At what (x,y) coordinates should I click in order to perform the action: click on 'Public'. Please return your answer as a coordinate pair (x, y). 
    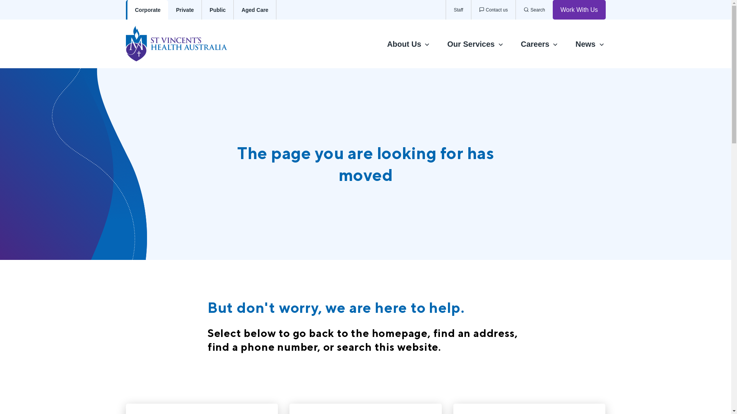
    Looking at the image, I should click on (217, 10).